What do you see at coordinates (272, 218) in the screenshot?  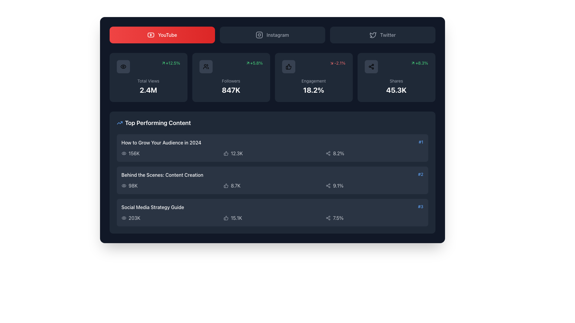 I see `the A data row displaying stats and icons located in the lower section of the card titled 'Social Media Strategy Guide #3'` at bounding box center [272, 218].